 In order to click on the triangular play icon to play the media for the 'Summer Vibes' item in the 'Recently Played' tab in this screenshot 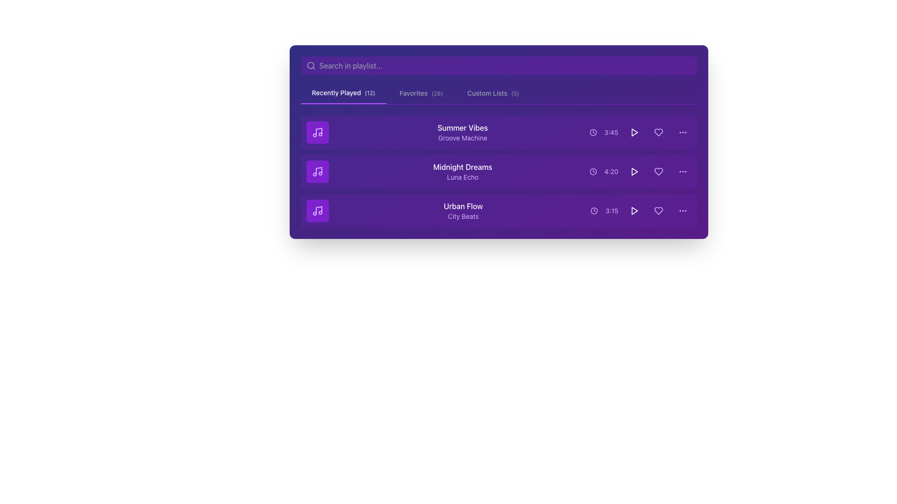, I will do `click(634, 133)`.